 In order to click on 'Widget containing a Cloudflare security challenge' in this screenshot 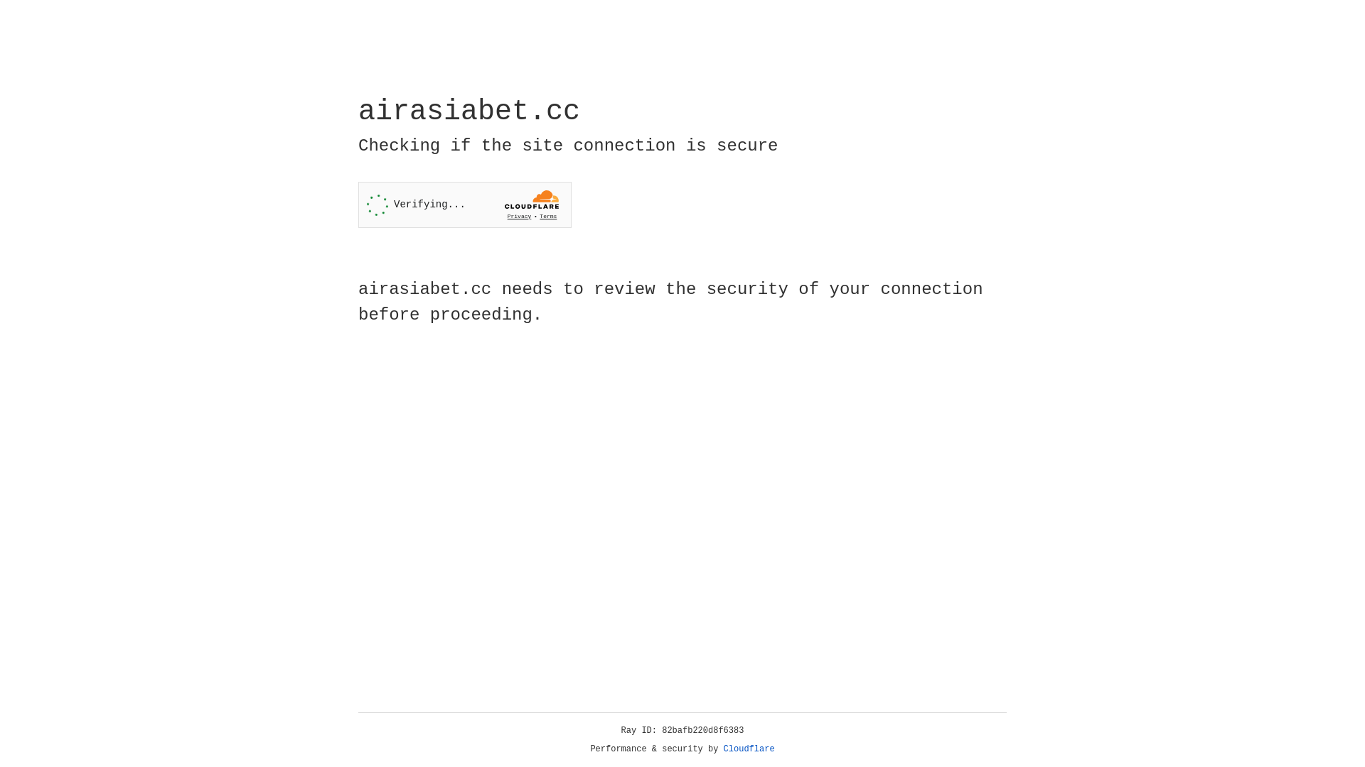, I will do `click(464, 205)`.